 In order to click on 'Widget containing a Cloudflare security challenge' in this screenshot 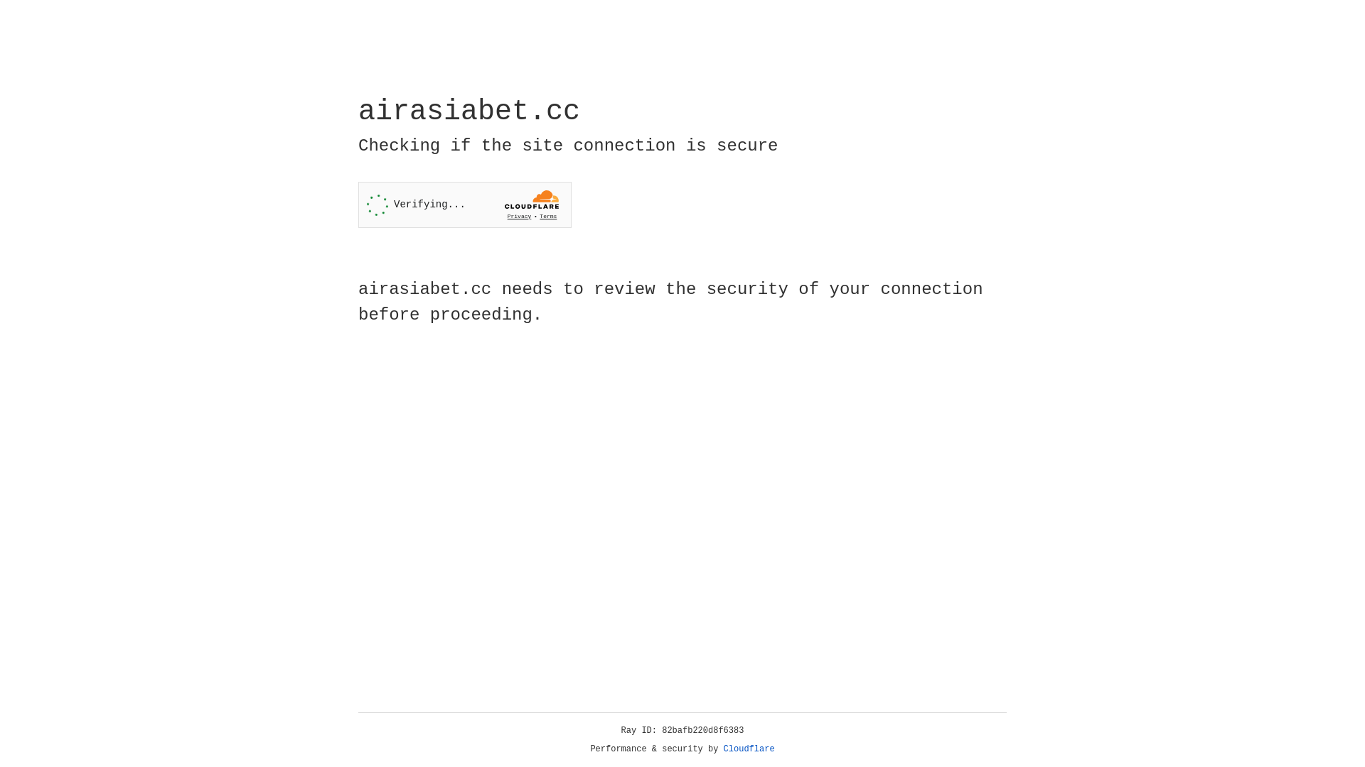, I will do `click(464, 205)`.